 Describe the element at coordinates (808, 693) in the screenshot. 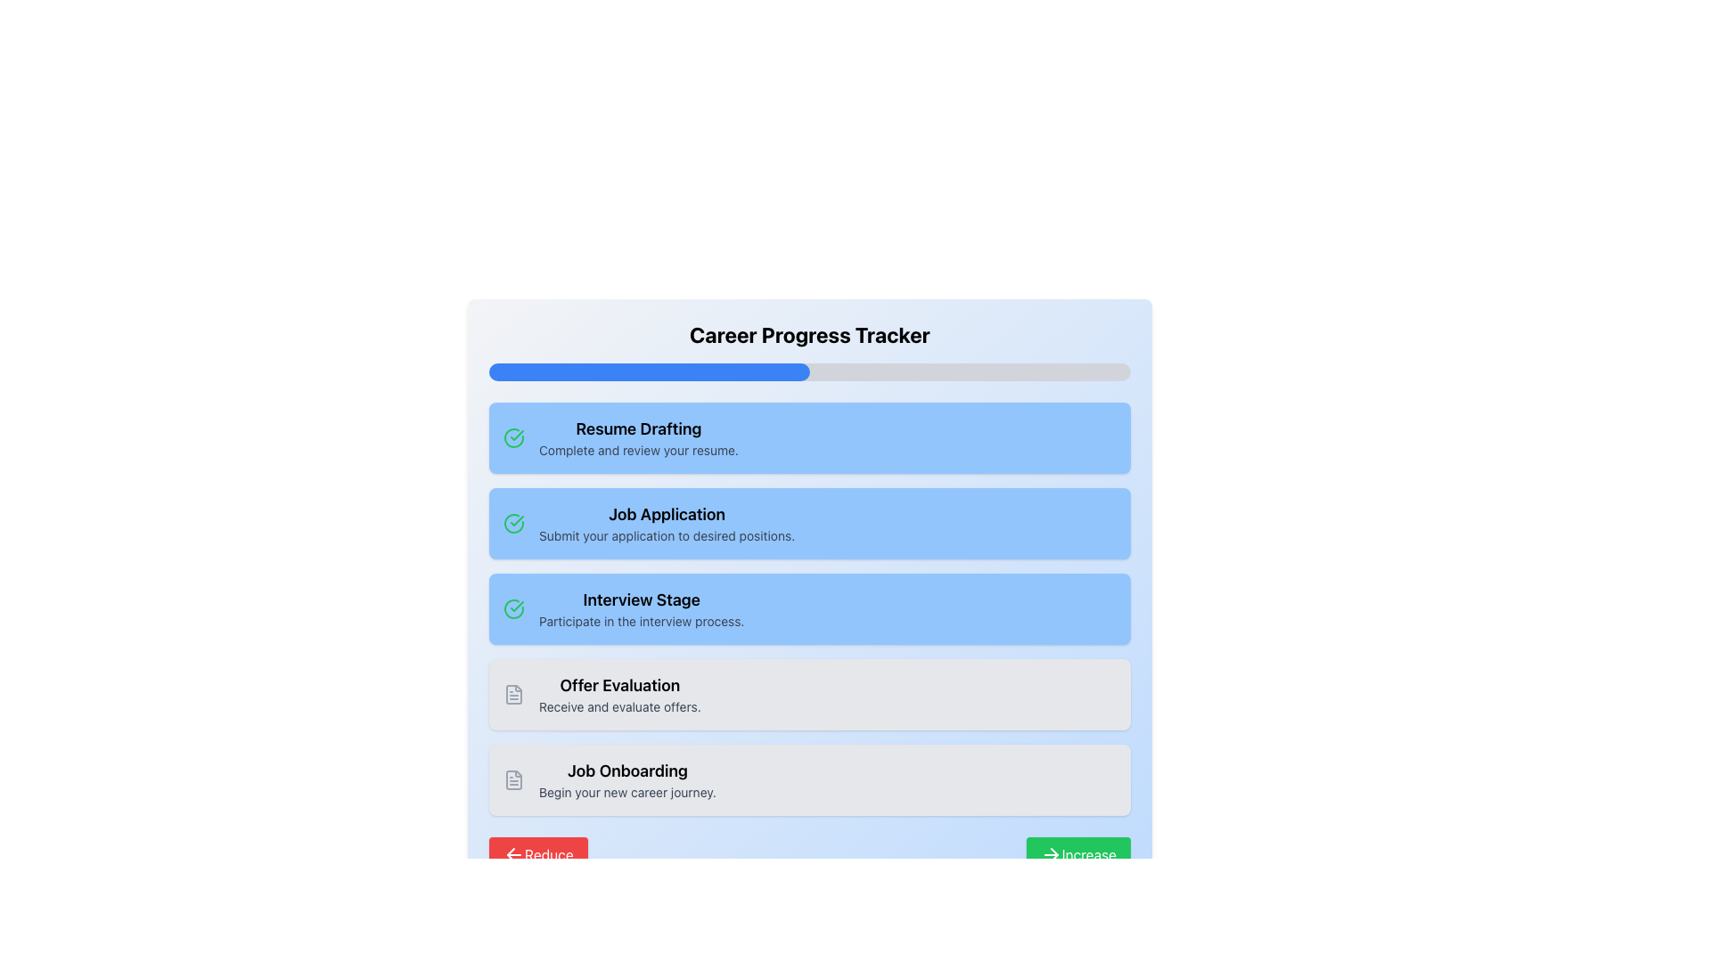

I see `the 'Offer Evaluation' informational panel to possibly navigate to more details about this step in the process tracker` at that location.